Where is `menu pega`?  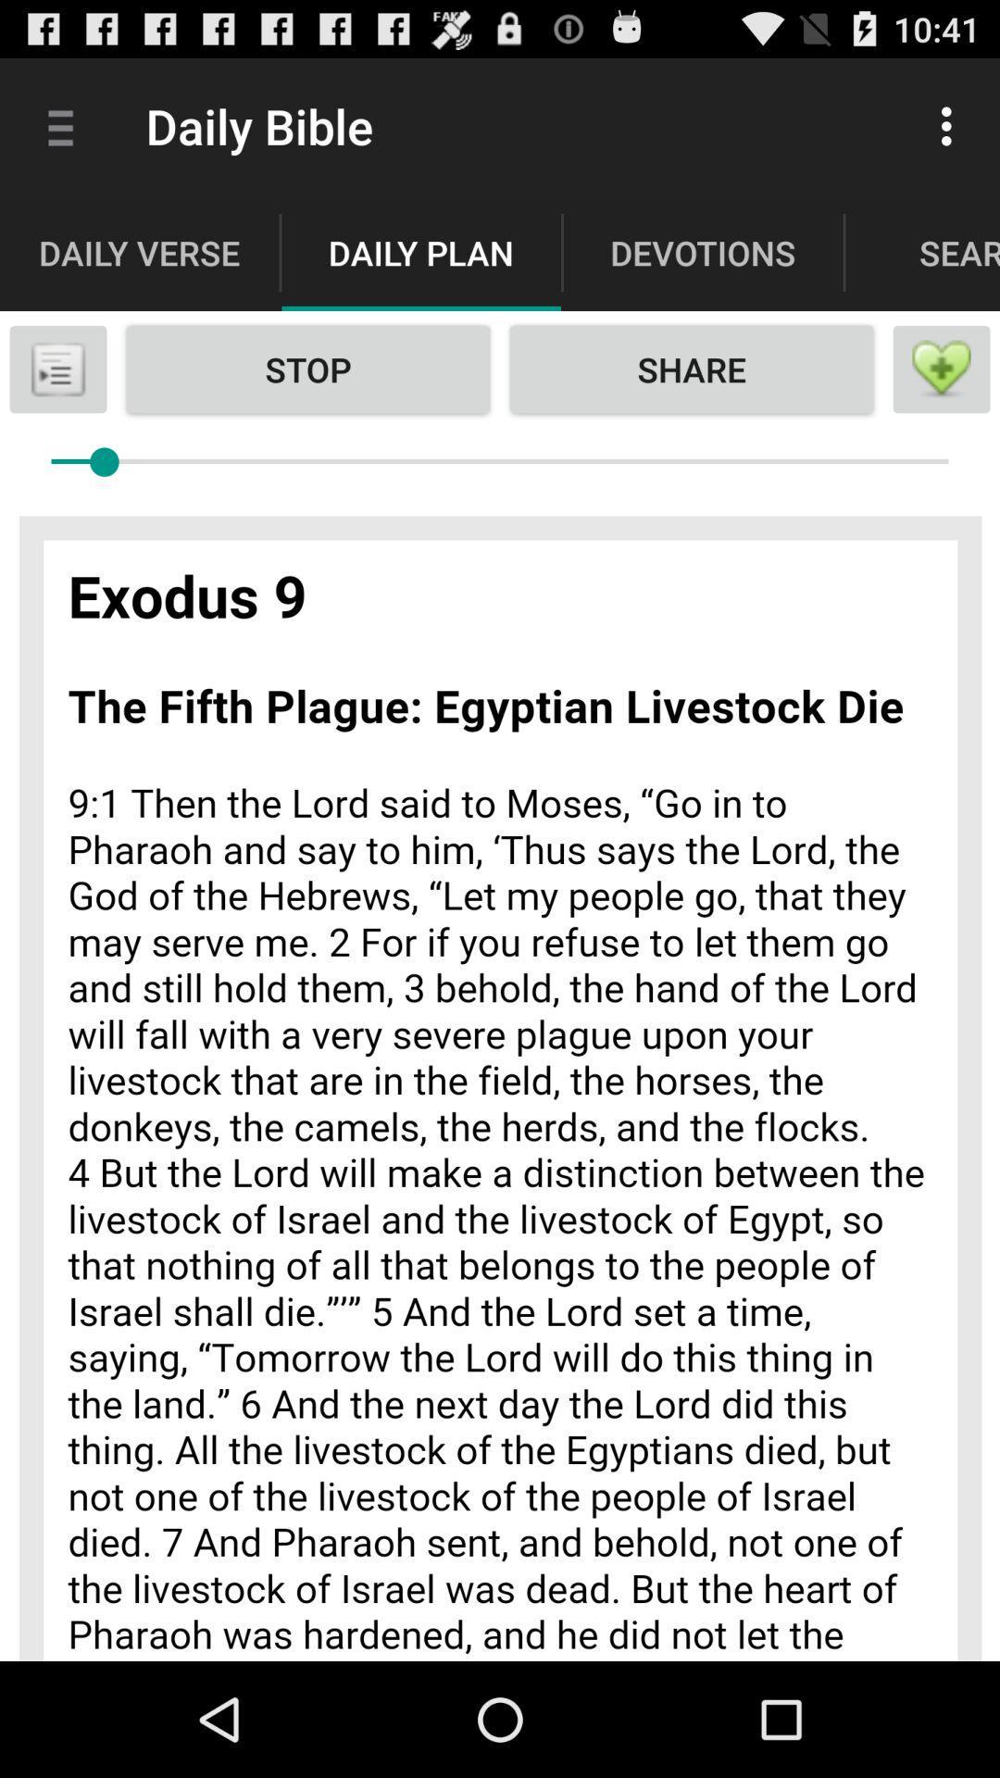
menu pega is located at coordinates (56, 369).